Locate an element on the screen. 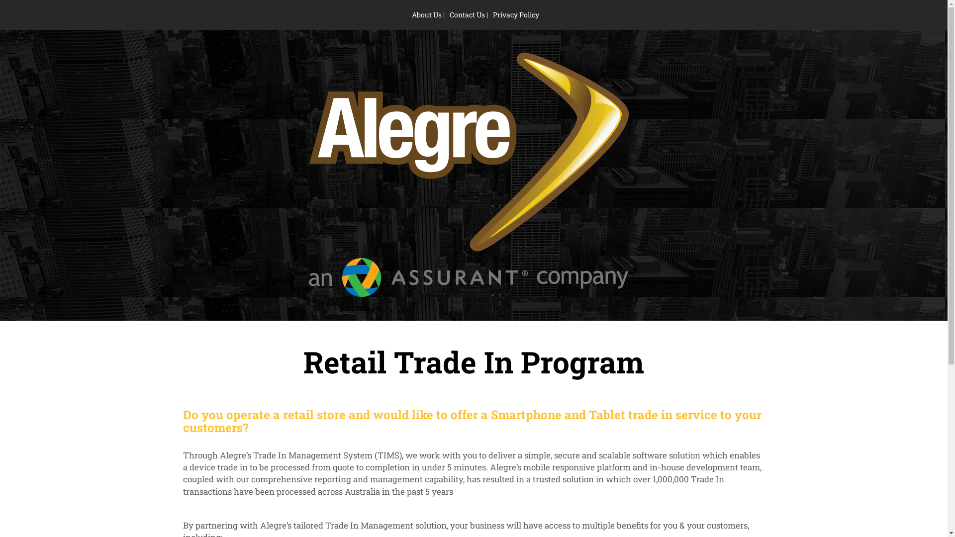 The width and height of the screenshot is (955, 537). 'About Us |' is located at coordinates (428, 14).